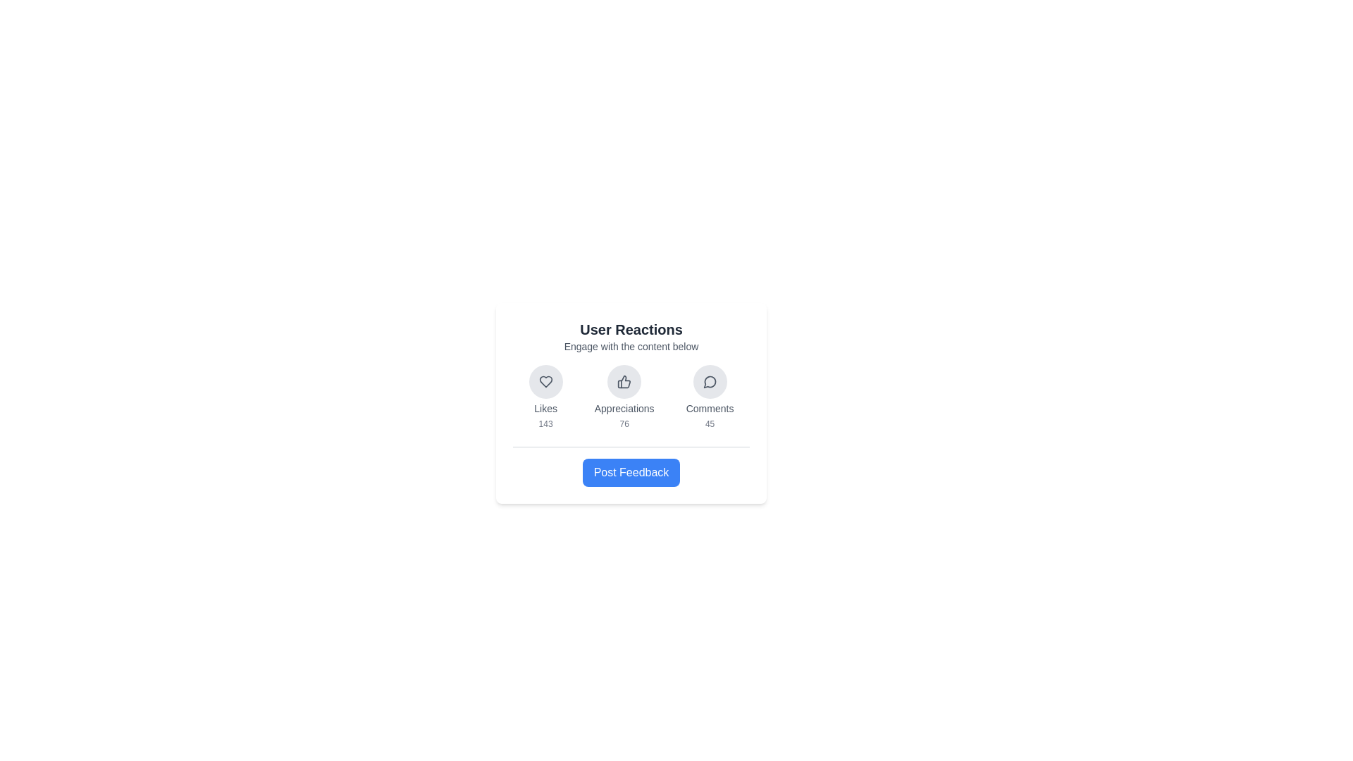 The width and height of the screenshot is (1353, 761). Describe the element at coordinates (710, 397) in the screenshot. I see `the Interactive button displaying the number of comments (45) under the header 'User Reactions'` at that location.